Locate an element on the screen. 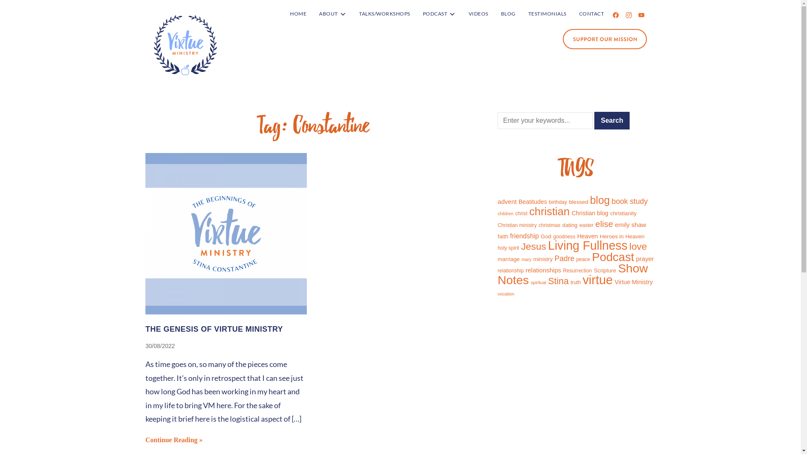 The width and height of the screenshot is (807, 454). 'mary' is located at coordinates (526, 259).